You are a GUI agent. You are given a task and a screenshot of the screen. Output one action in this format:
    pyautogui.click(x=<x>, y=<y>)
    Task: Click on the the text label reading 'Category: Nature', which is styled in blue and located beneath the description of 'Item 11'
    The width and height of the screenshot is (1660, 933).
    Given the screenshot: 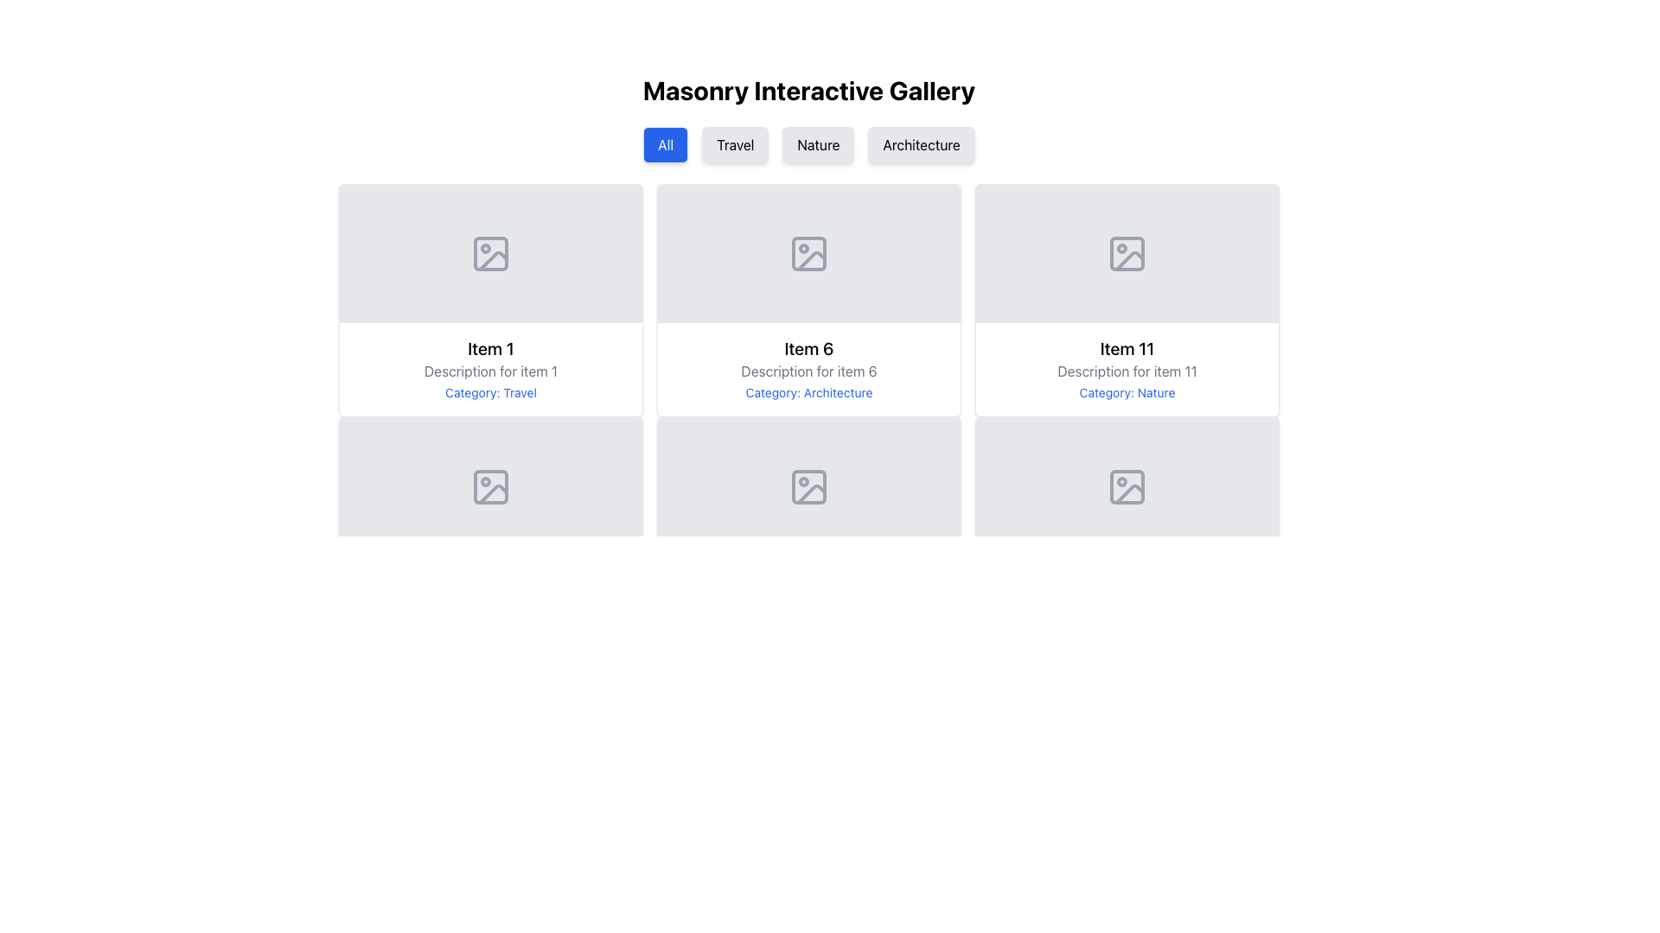 What is the action you would take?
    pyautogui.click(x=1127, y=392)
    